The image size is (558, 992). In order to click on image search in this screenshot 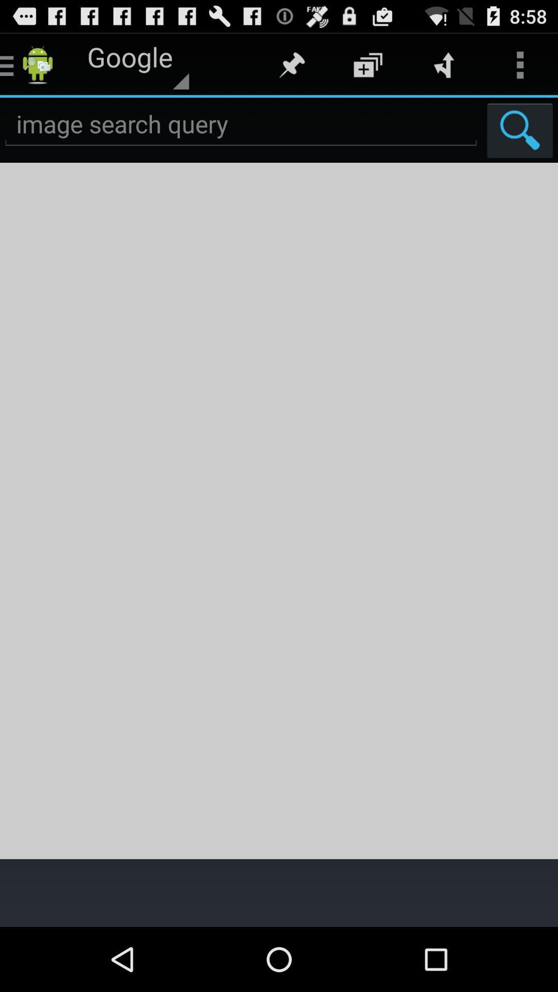, I will do `click(241, 124)`.